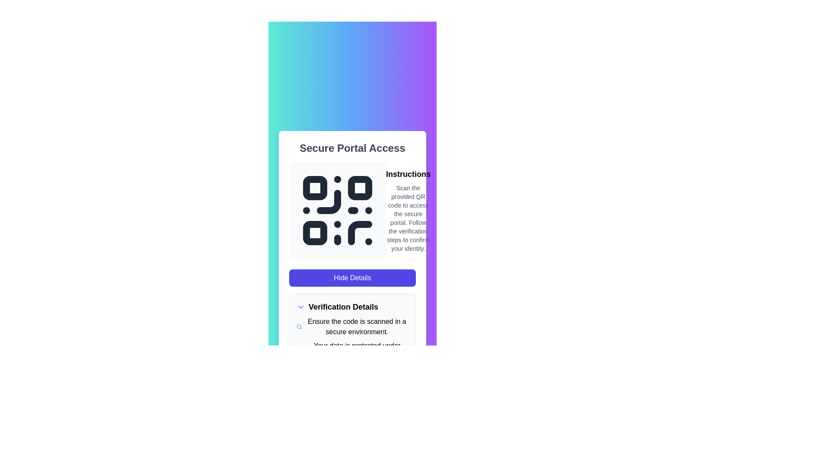  What do you see at coordinates (408, 218) in the screenshot?
I see `instructions from the descriptive text block styled with a gray font color, located below the 'Instructions' heading and beside the QR code graphic` at bounding box center [408, 218].